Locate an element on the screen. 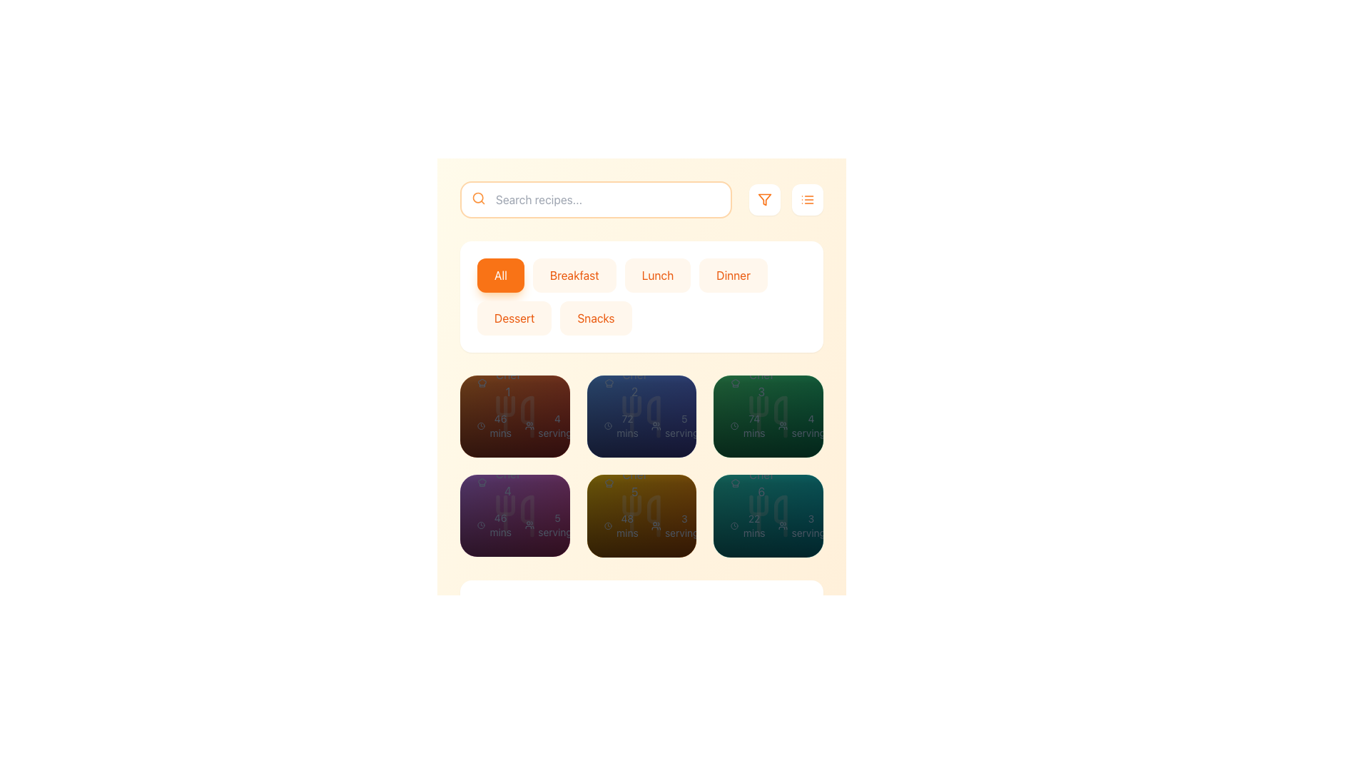 This screenshot has width=1370, height=771. the '3 servings' text indicator with the accompanying icon located in the bottom-right card of the grid layout is located at coordinates (805, 525).